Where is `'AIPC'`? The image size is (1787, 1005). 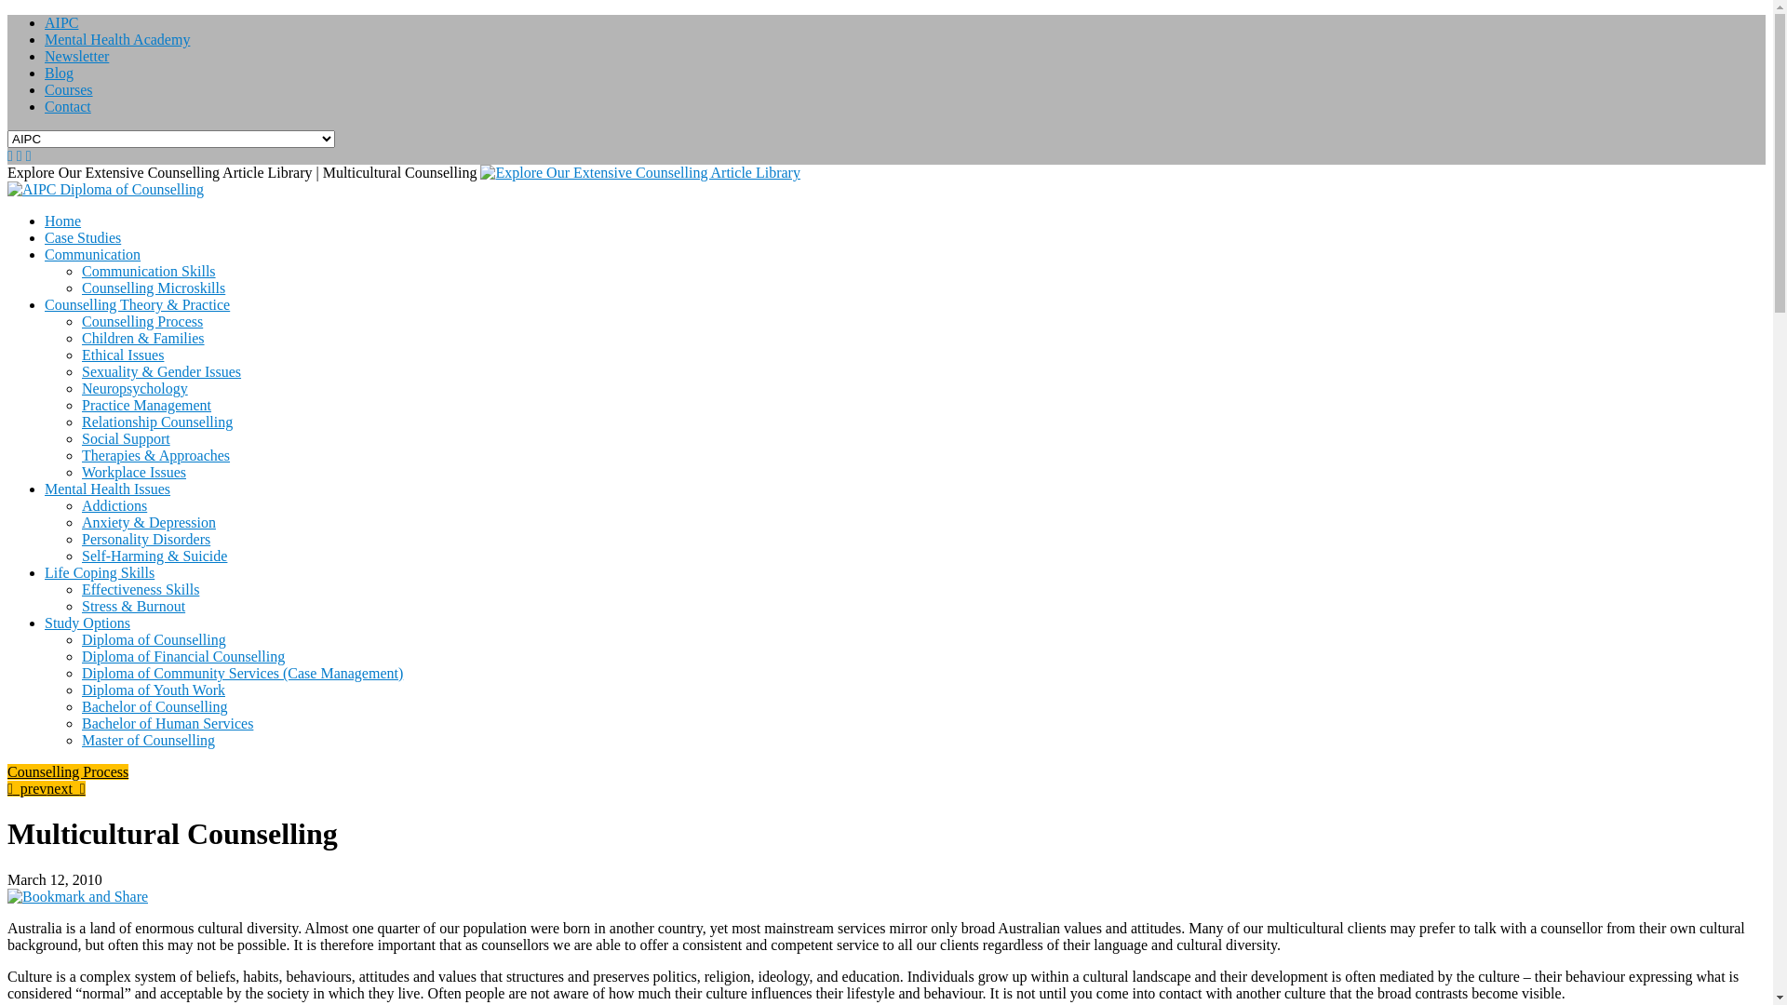 'AIPC' is located at coordinates (45, 22).